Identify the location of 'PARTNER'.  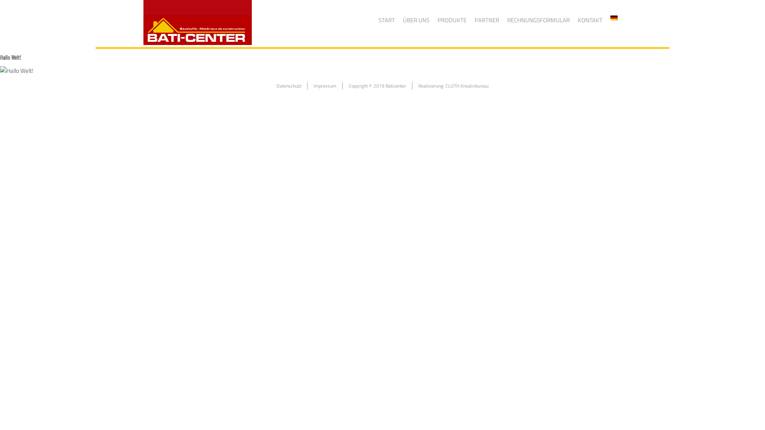
(486, 19).